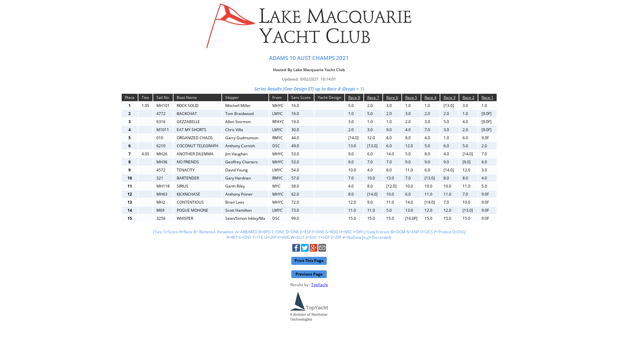 Image resolution: width=618 pixels, height=348 pixels. What do you see at coordinates (304, 250) in the screenshot?
I see `'Tweet'` at bounding box center [304, 250].